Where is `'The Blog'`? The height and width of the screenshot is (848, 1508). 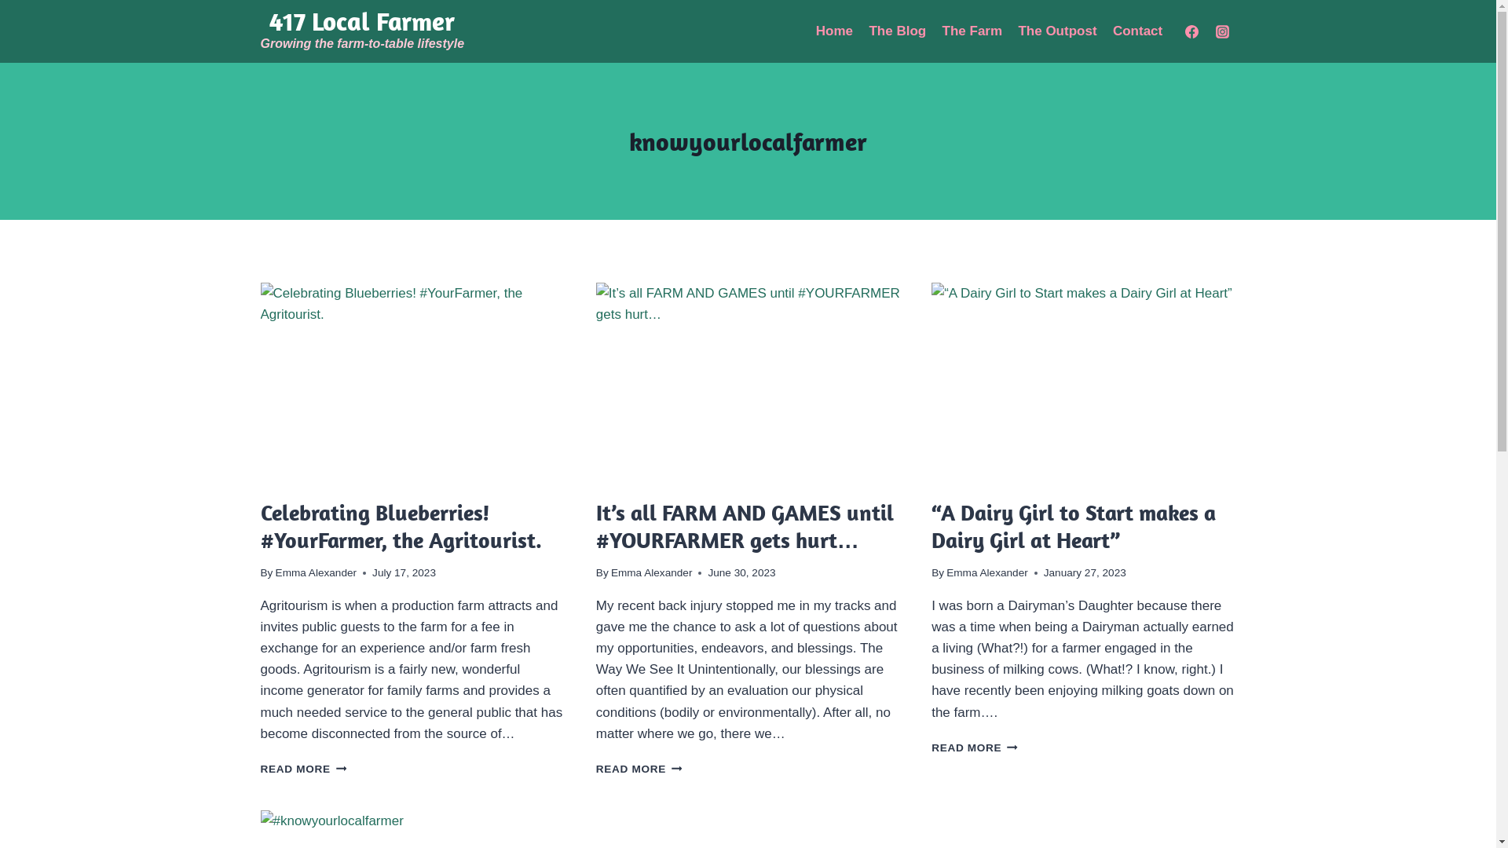 'The Blog' is located at coordinates (897, 31).